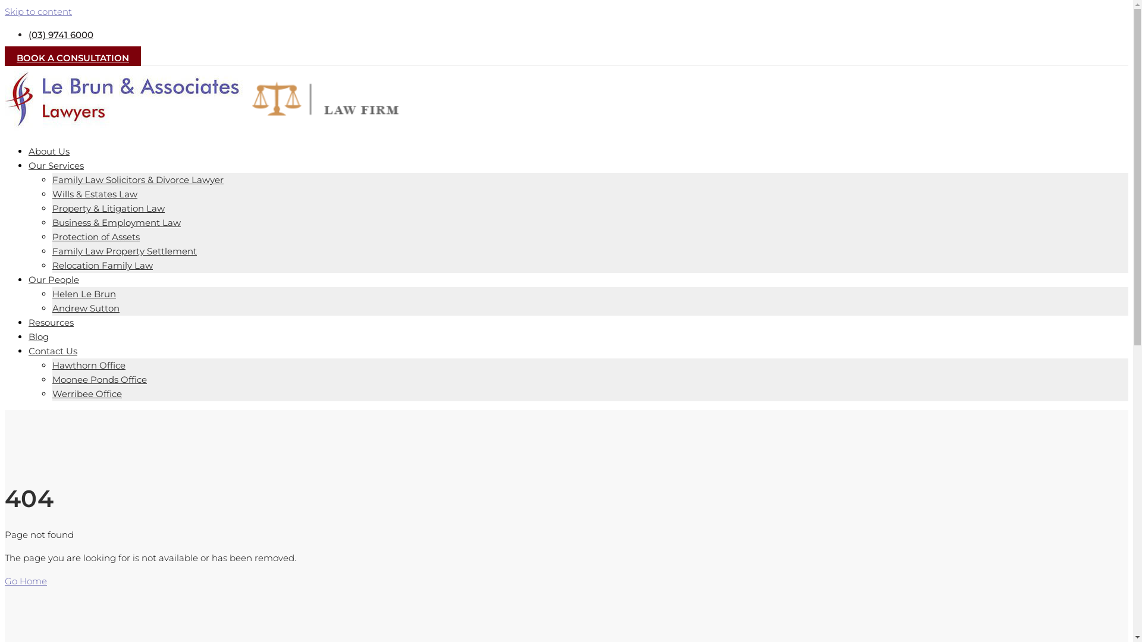 The width and height of the screenshot is (1142, 642). Describe the element at coordinates (26, 580) in the screenshot. I see `'Go Home'` at that location.